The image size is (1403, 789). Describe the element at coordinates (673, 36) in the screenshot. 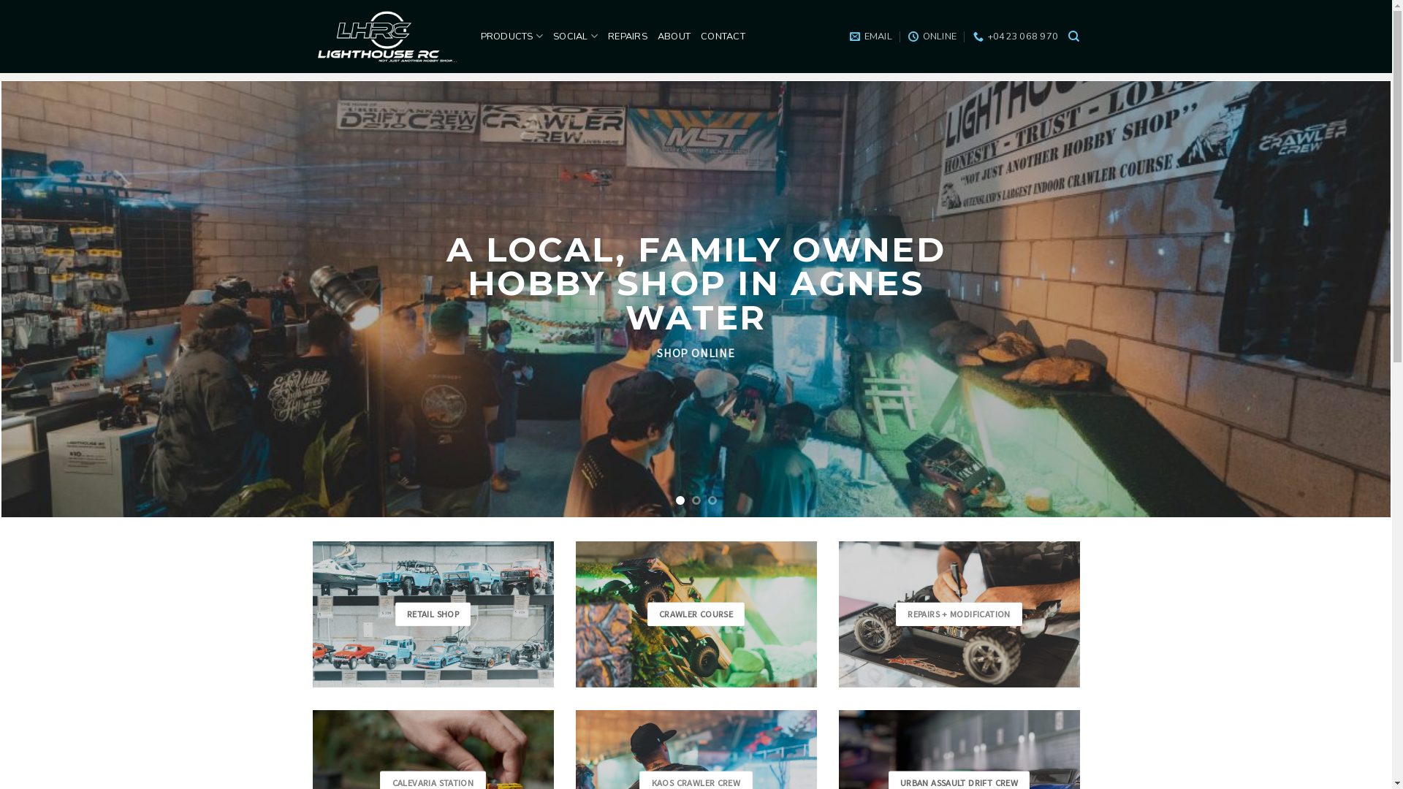

I see `'ABOUT'` at that location.